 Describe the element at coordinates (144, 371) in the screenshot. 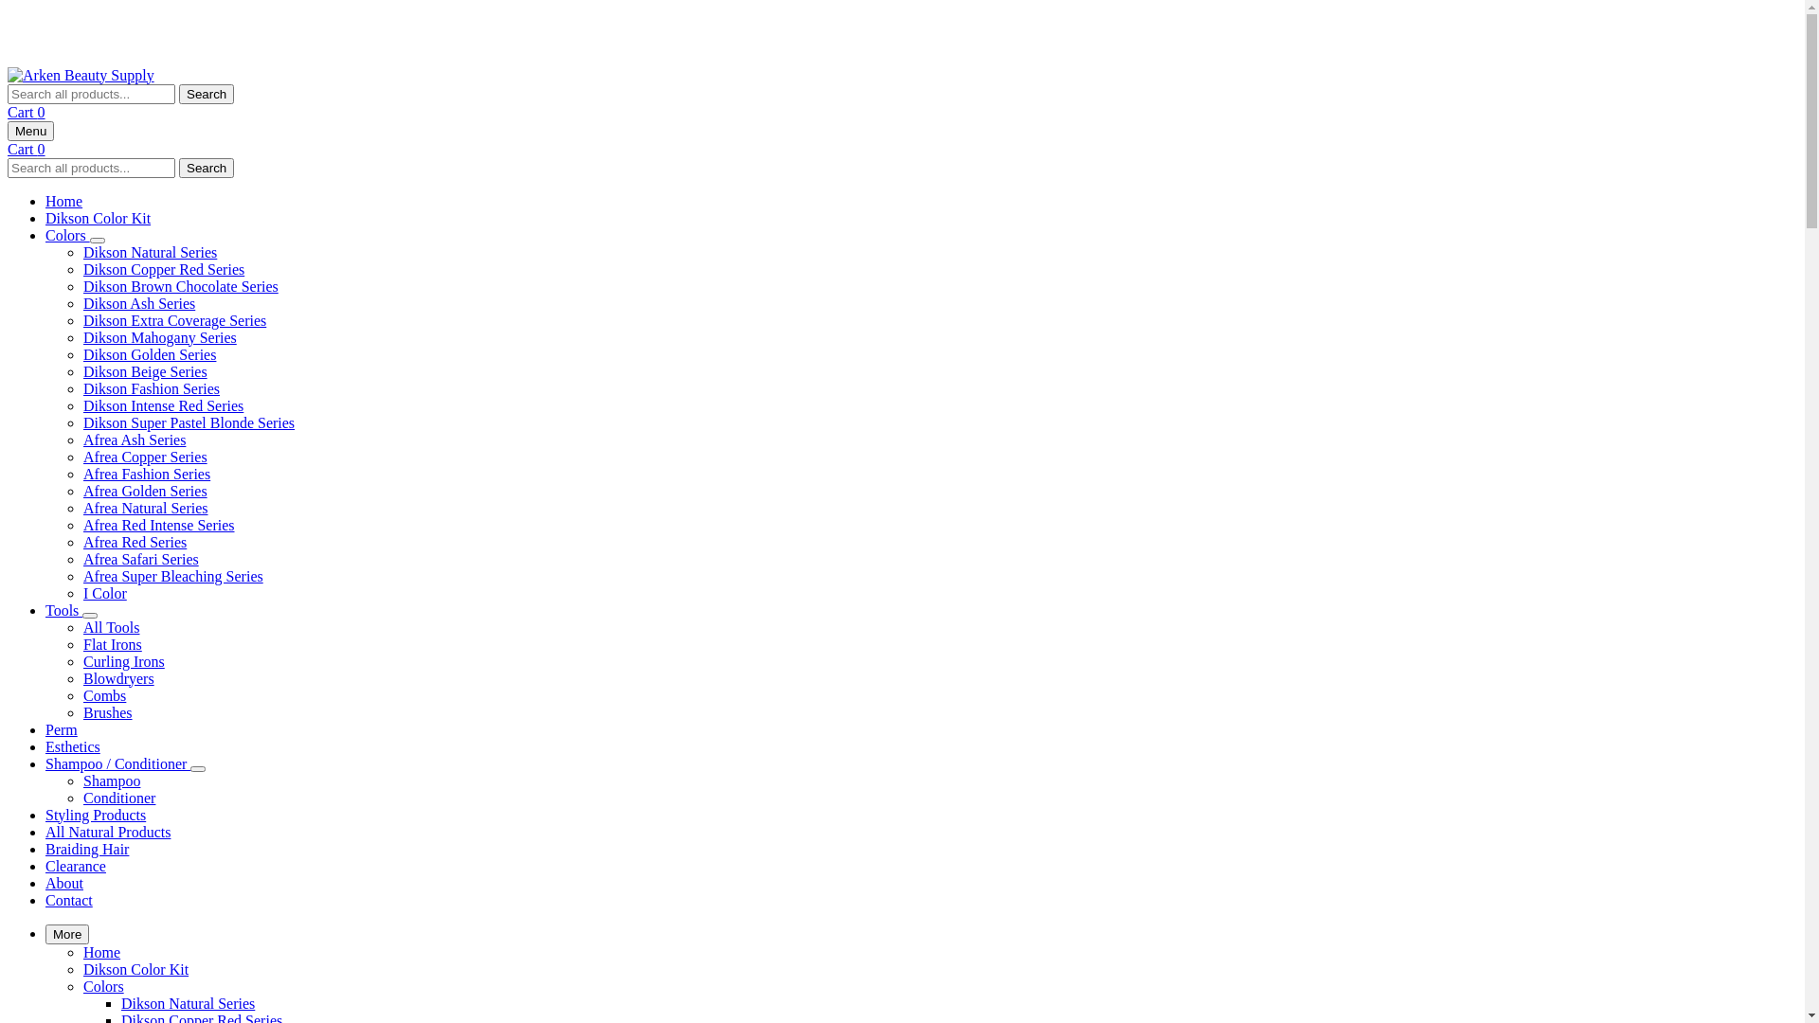

I see `'Dikson Beige Series'` at that location.